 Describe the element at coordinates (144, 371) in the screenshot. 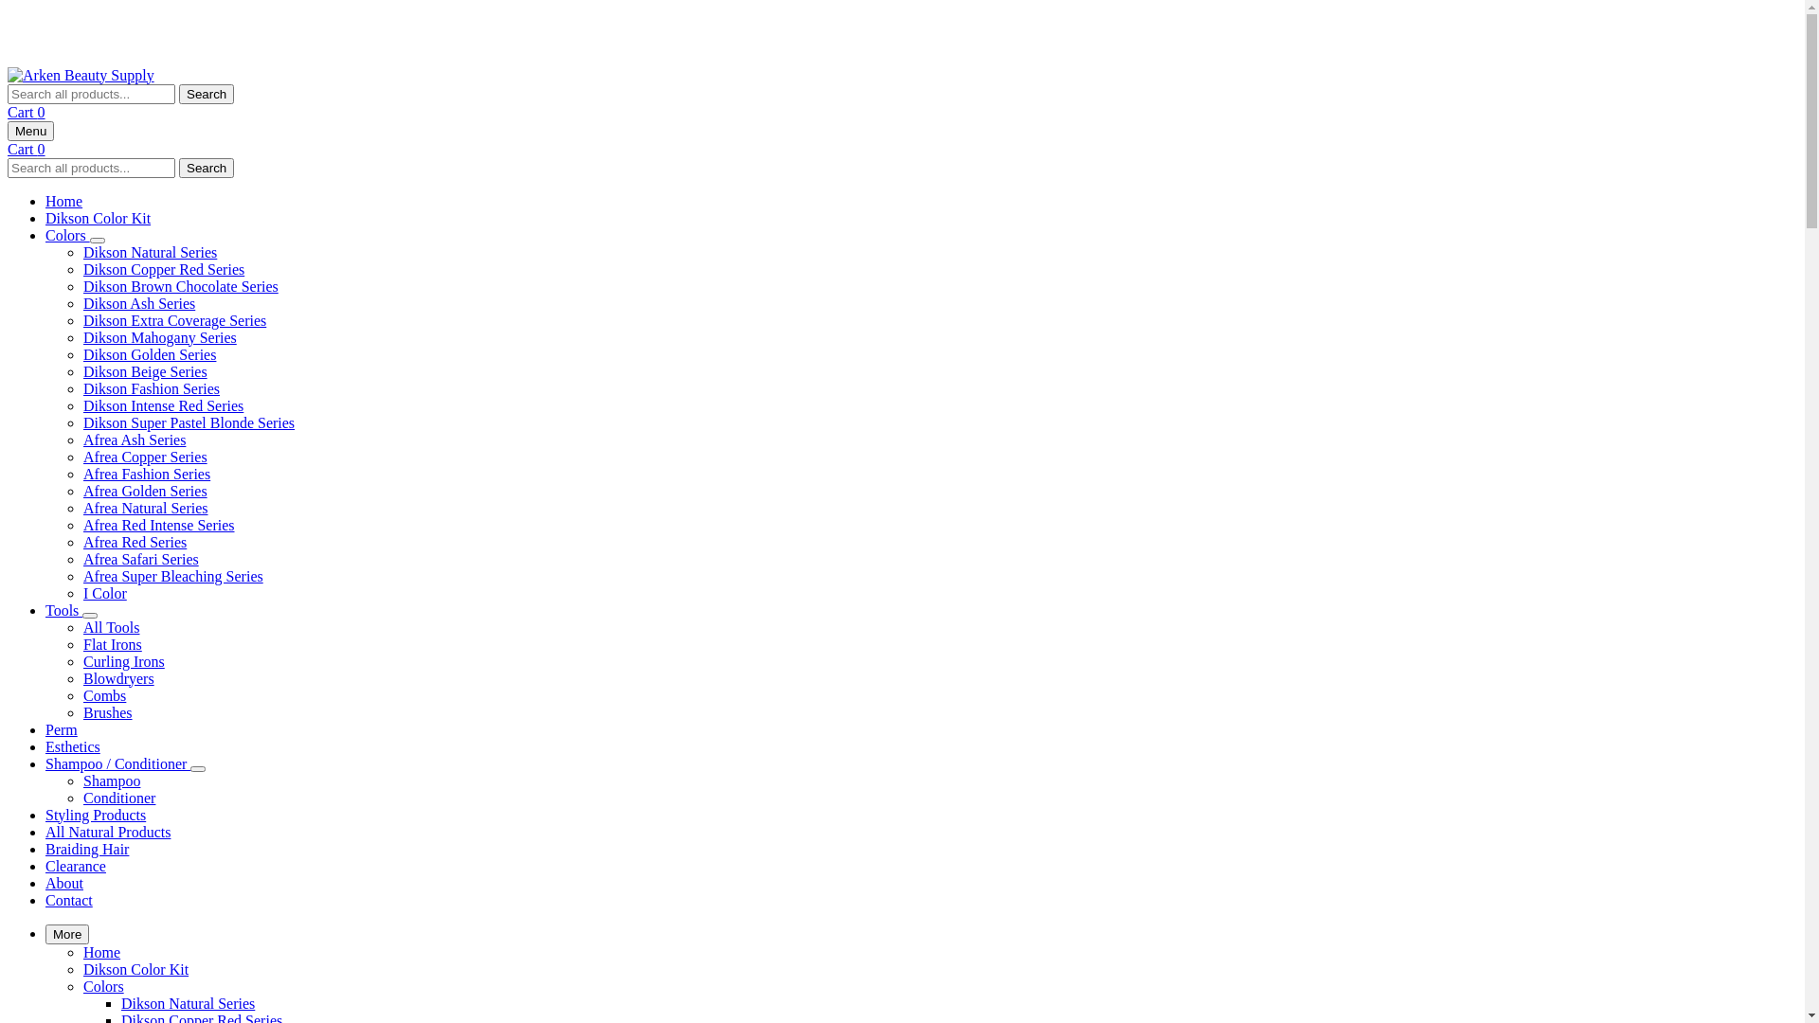

I see `'Dikson Beige Series'` at that location.